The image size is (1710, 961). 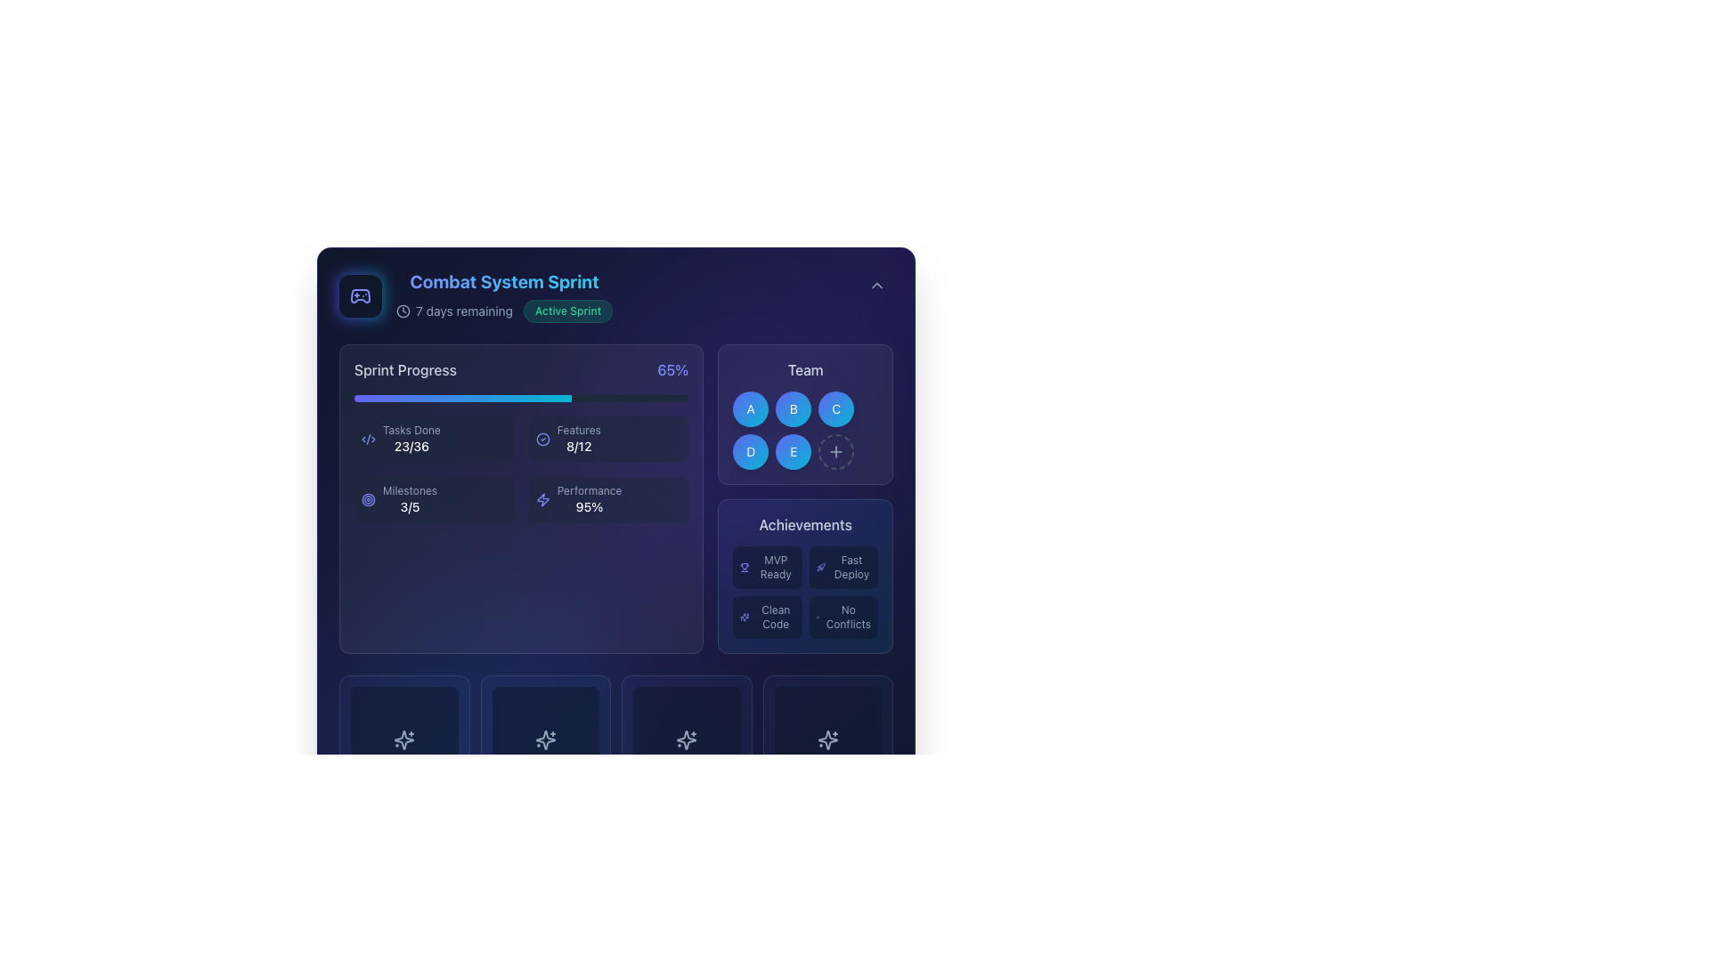 I want to click on the rightmost card in the bottom row of the grid by, so click(x=826, y=740).